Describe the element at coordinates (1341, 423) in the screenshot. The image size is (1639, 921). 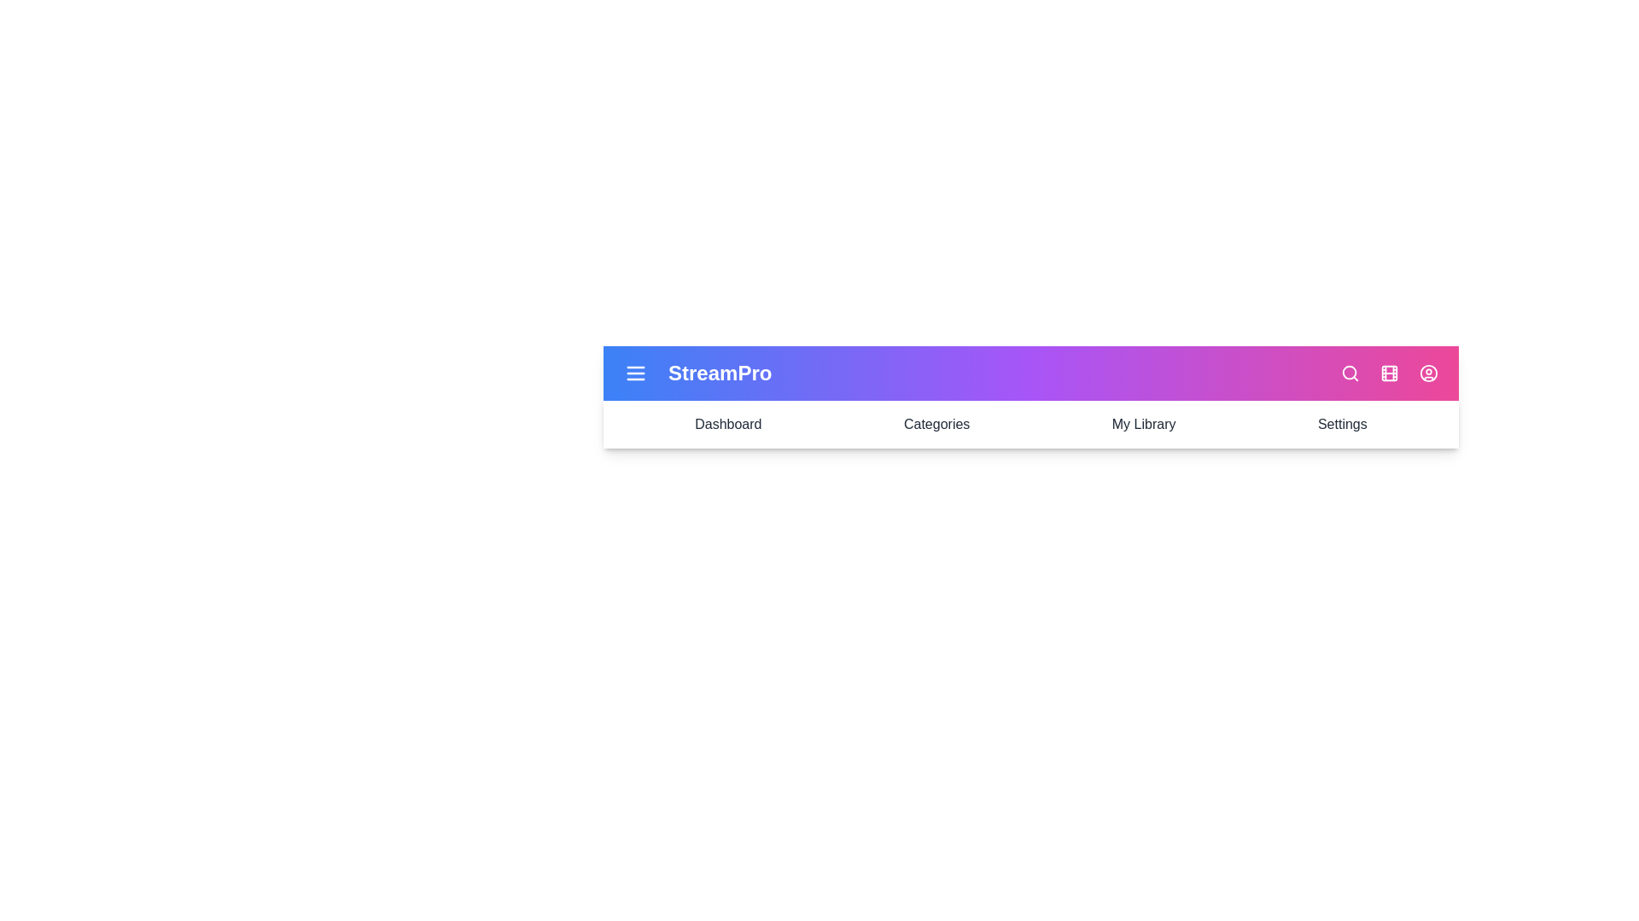
I see `the menu item Settings` at that location.